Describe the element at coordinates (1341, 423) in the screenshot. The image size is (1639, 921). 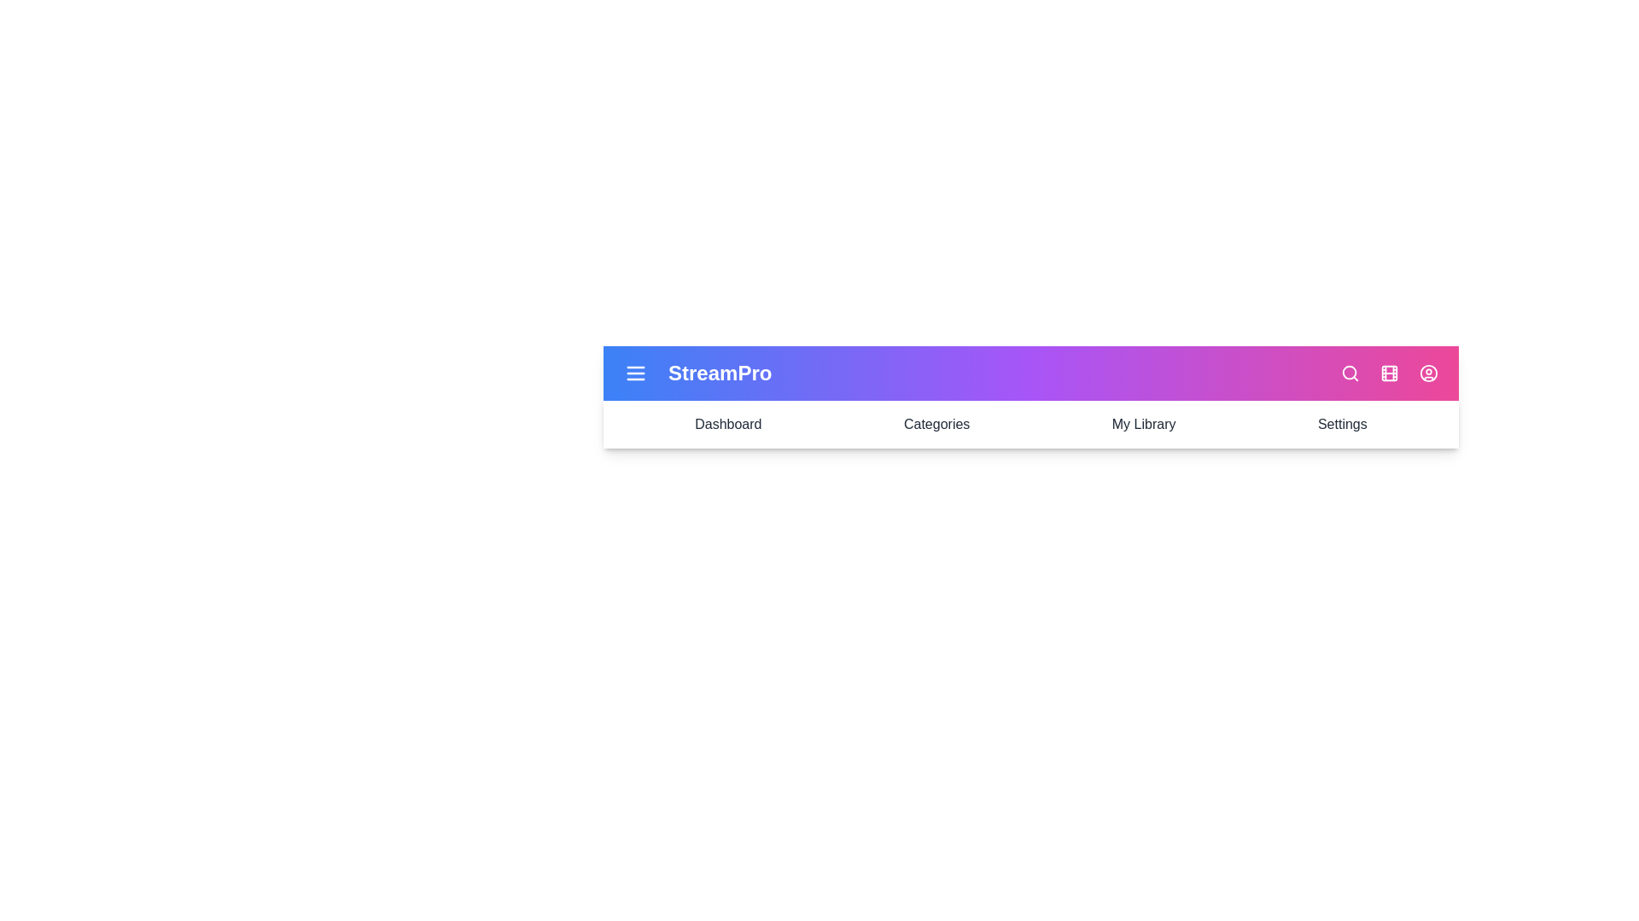
I see `the menu item Settings` at that location.